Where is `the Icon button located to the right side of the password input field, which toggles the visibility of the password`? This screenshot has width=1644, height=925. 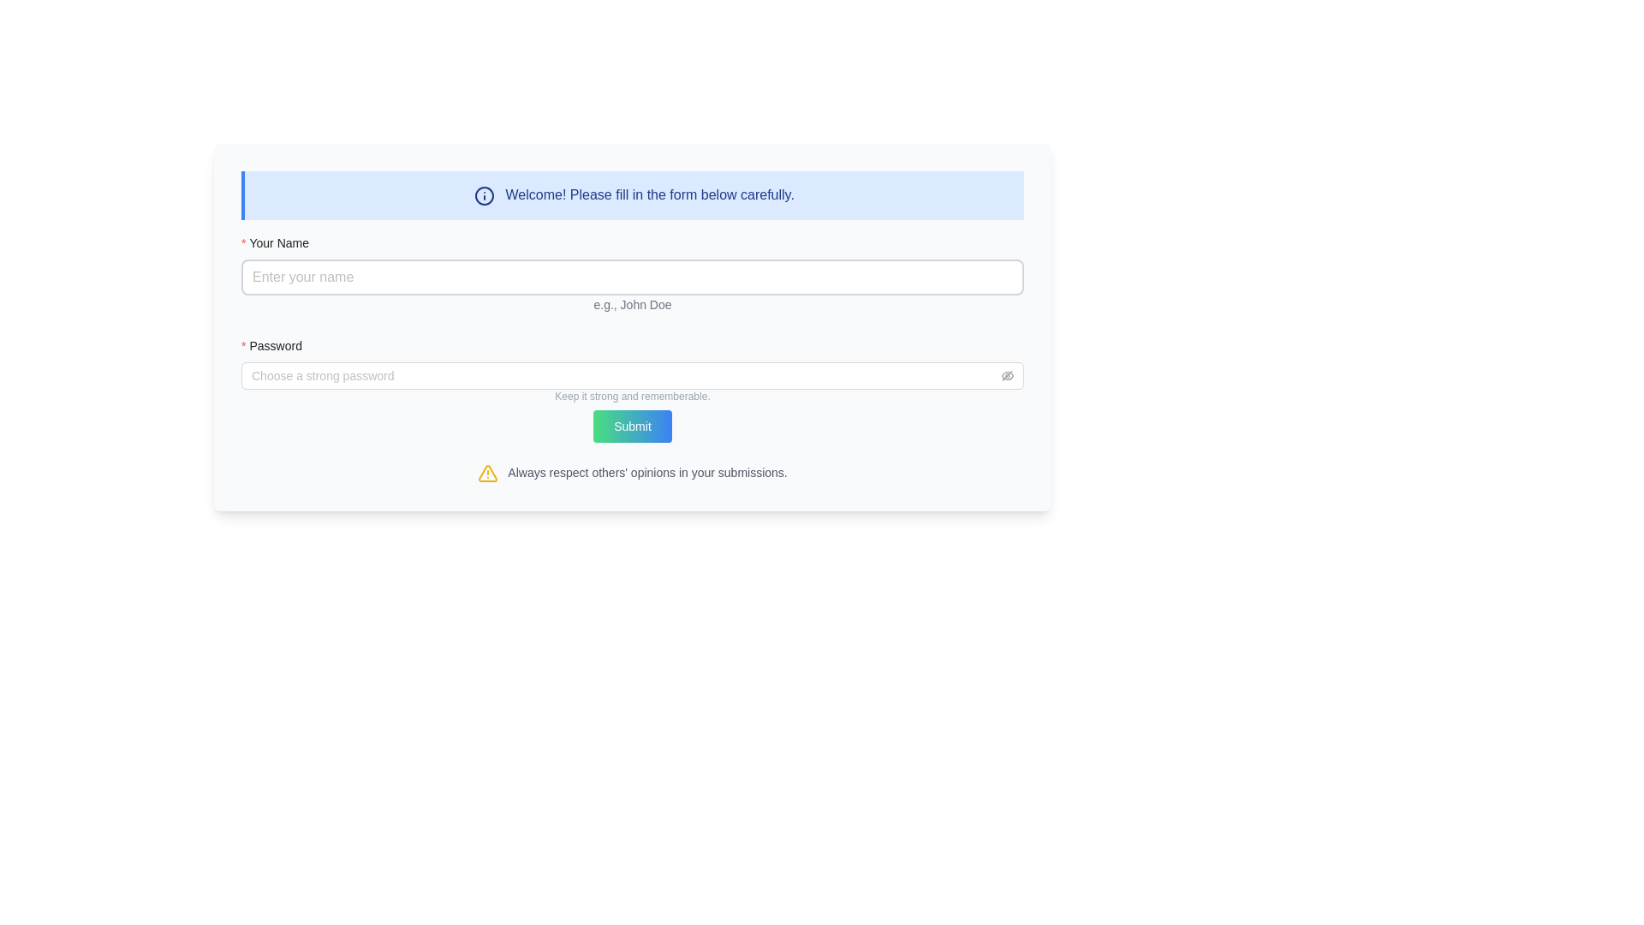
the Icon button located to the right side of the password input field, which toggles the visibility of the password is located at coordinates (1007, 374).